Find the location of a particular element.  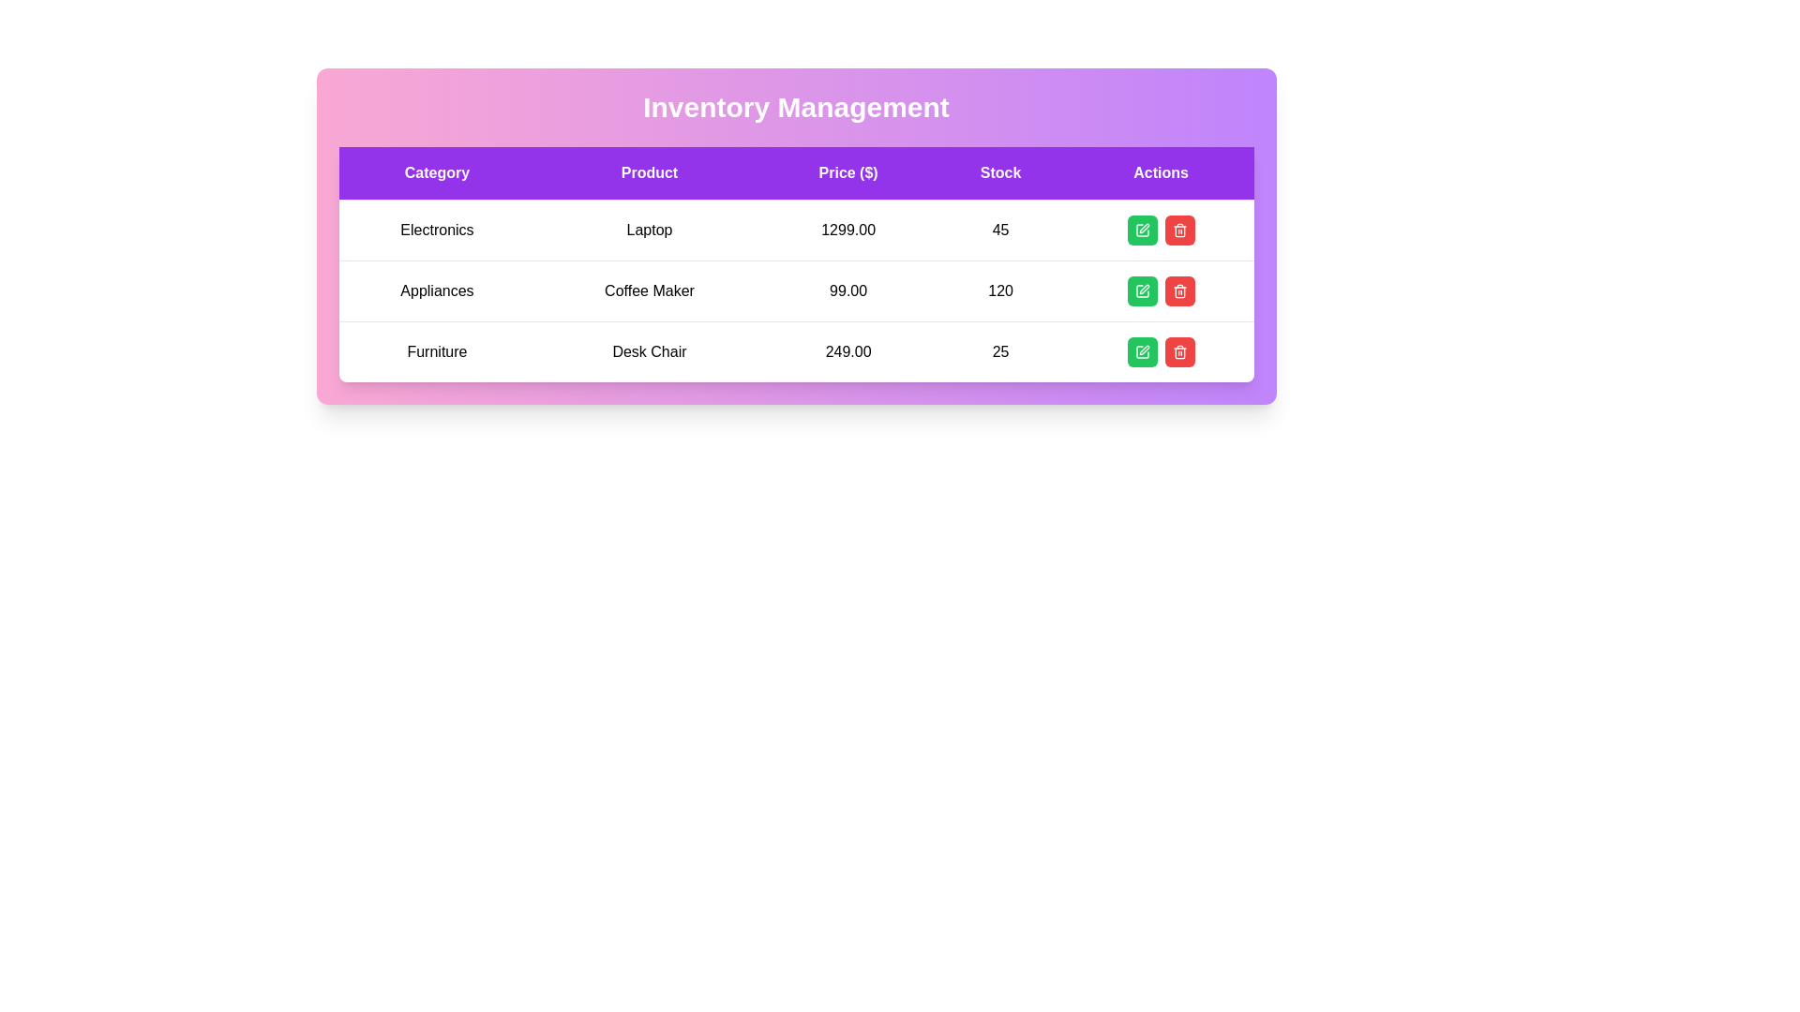

the green rounded rectangular button with a white pencil icon in the actions column of the third row in the inventory management table is located at coordinates (1141, 351).